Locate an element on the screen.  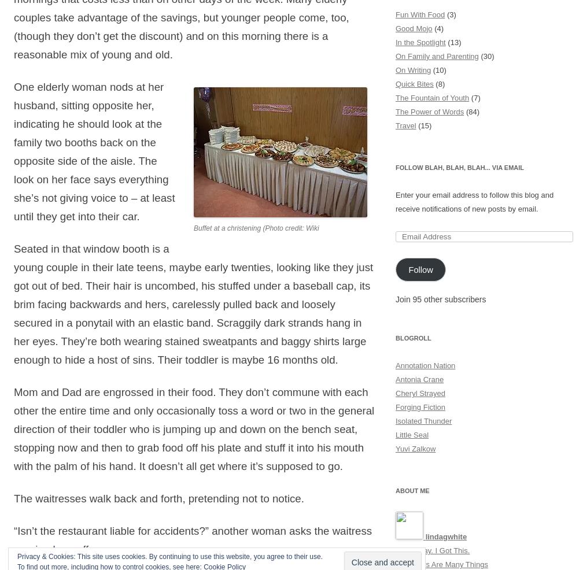
'(84)' is located at coordinates (463, 110).